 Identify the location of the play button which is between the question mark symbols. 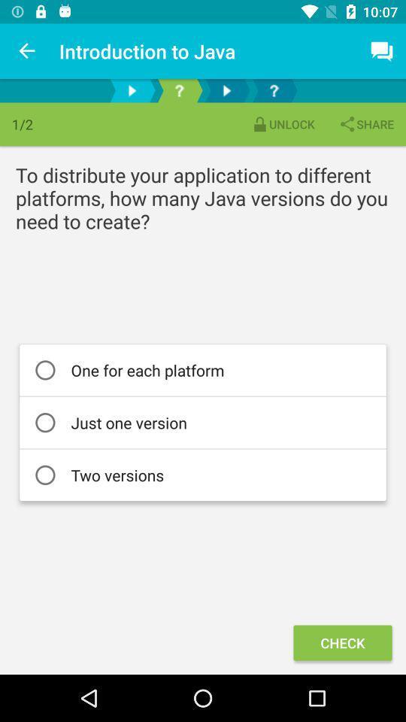
(226, 90).